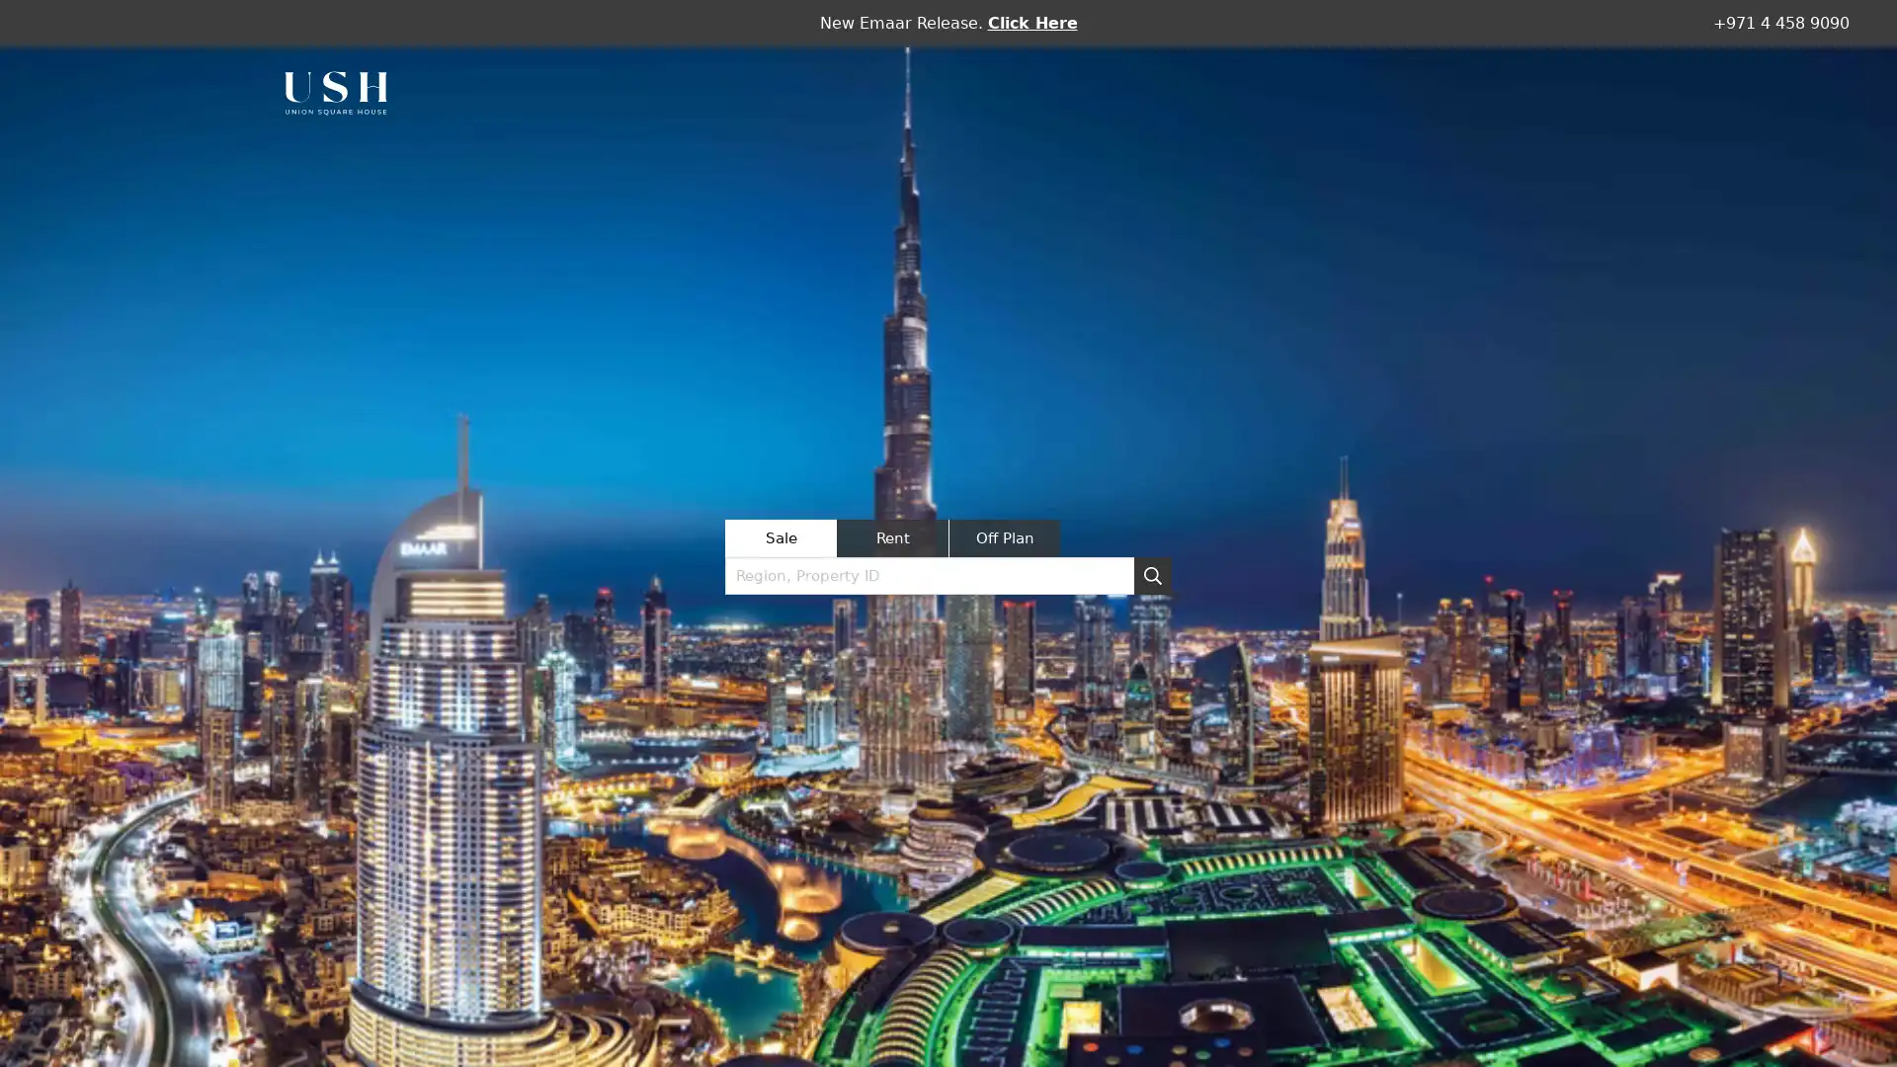 The image size is (1897, 1067). What do you see at coordinates (891, 537) in the screenshot?
I see `Rent` at bounding box center [891, 537].